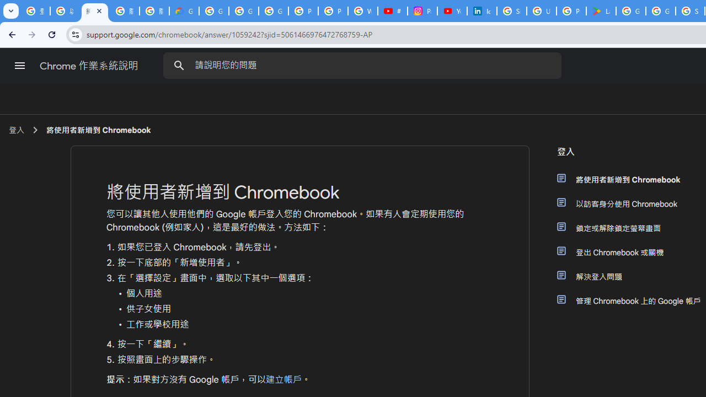 The width and height of the screenshot is (706, 397). Describe the element at coordinates (32, 34) in the screenshot. I see `'Forward'` at that location.